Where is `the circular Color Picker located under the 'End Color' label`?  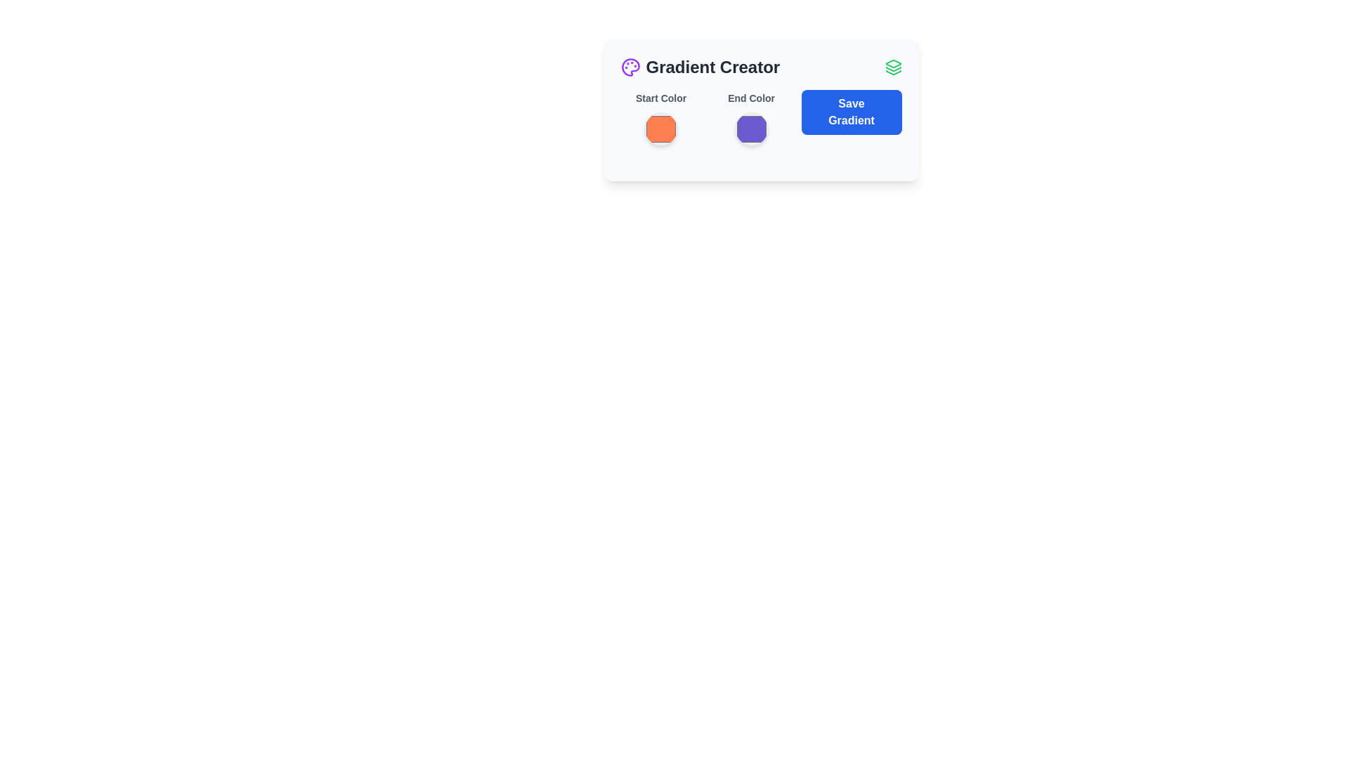 the circular Color Picker located under the 'End Color' label is located at coordinates (750, 118).